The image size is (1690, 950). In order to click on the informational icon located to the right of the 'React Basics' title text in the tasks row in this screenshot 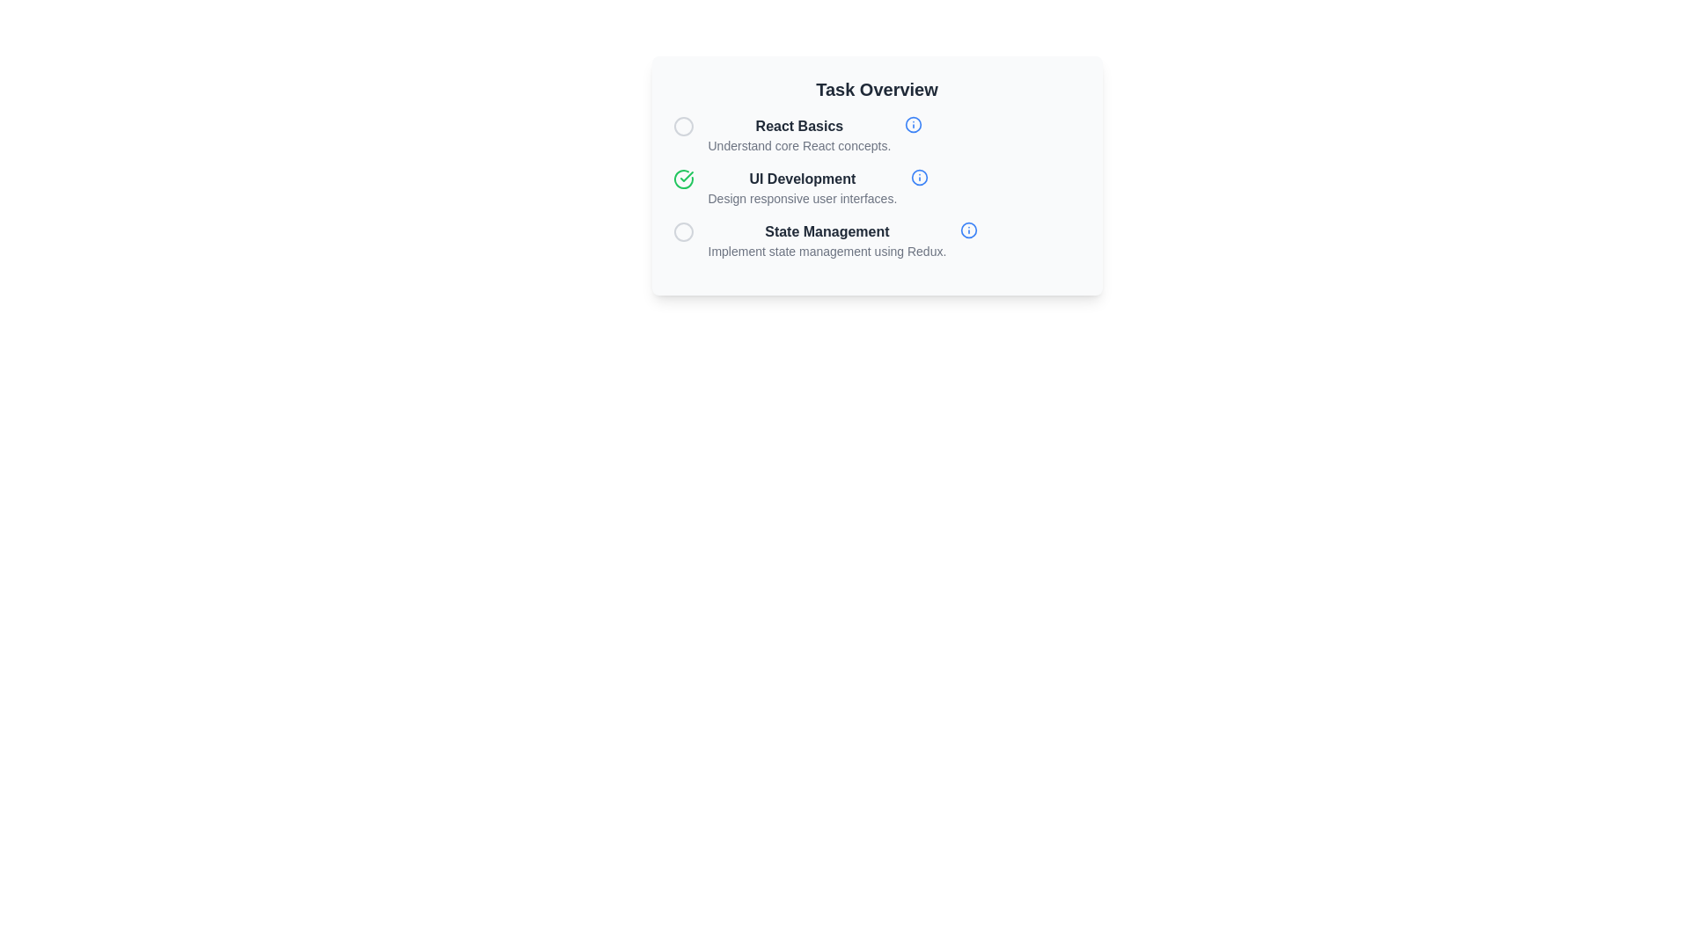, I will do `click(914, 124)`.